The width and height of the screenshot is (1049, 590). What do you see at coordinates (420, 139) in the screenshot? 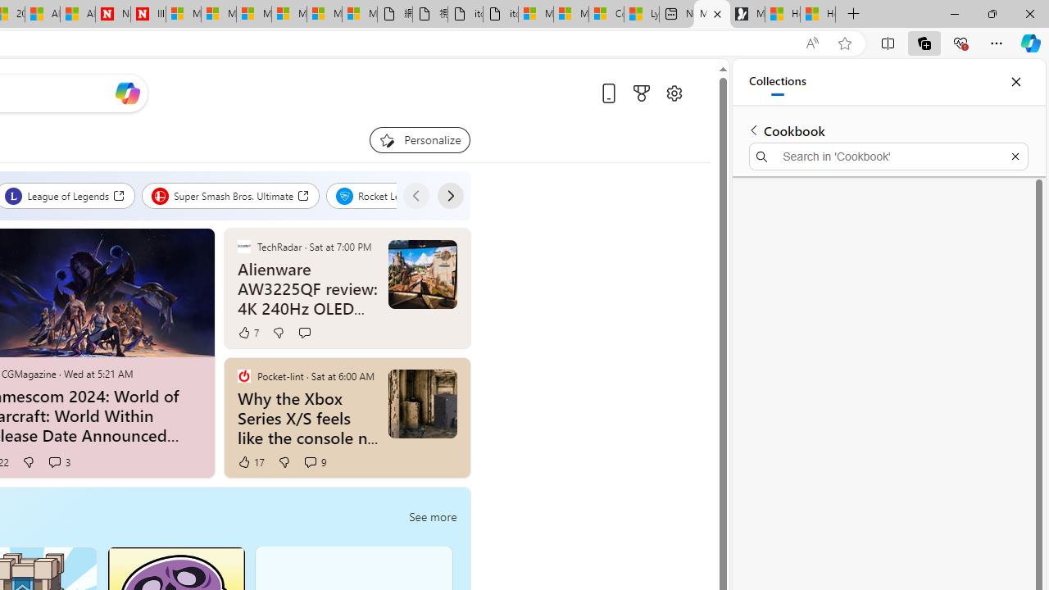
I see `'Personalize your feed"'` at bounding box center [420, 139].